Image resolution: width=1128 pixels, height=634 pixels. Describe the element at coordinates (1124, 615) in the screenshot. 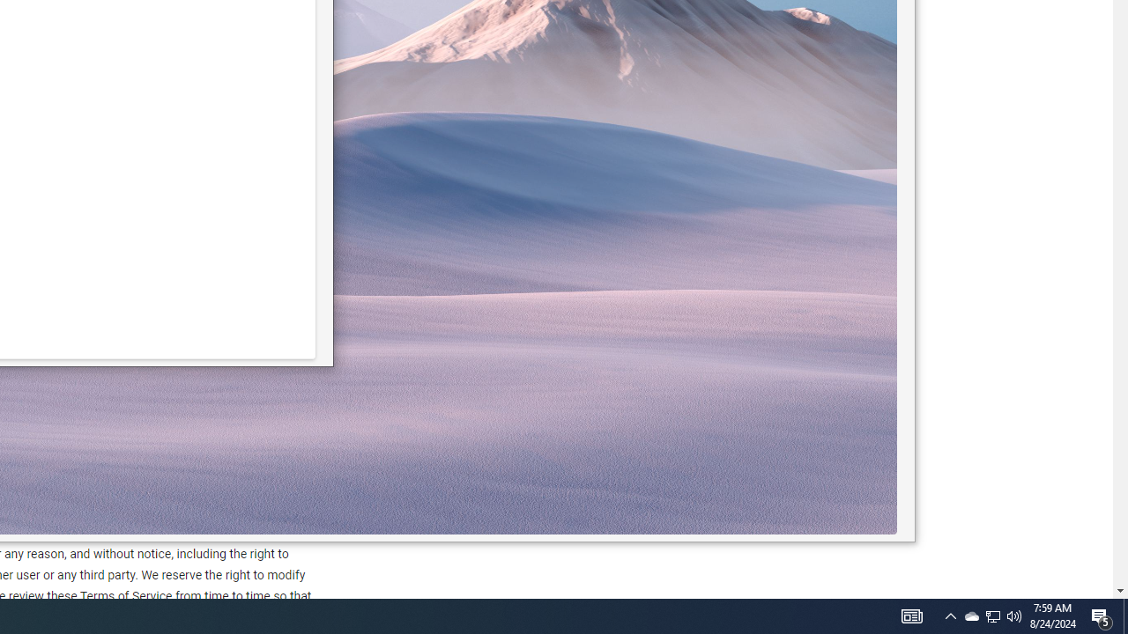

I see `'Action Center, 5 new notifications'` at that location.